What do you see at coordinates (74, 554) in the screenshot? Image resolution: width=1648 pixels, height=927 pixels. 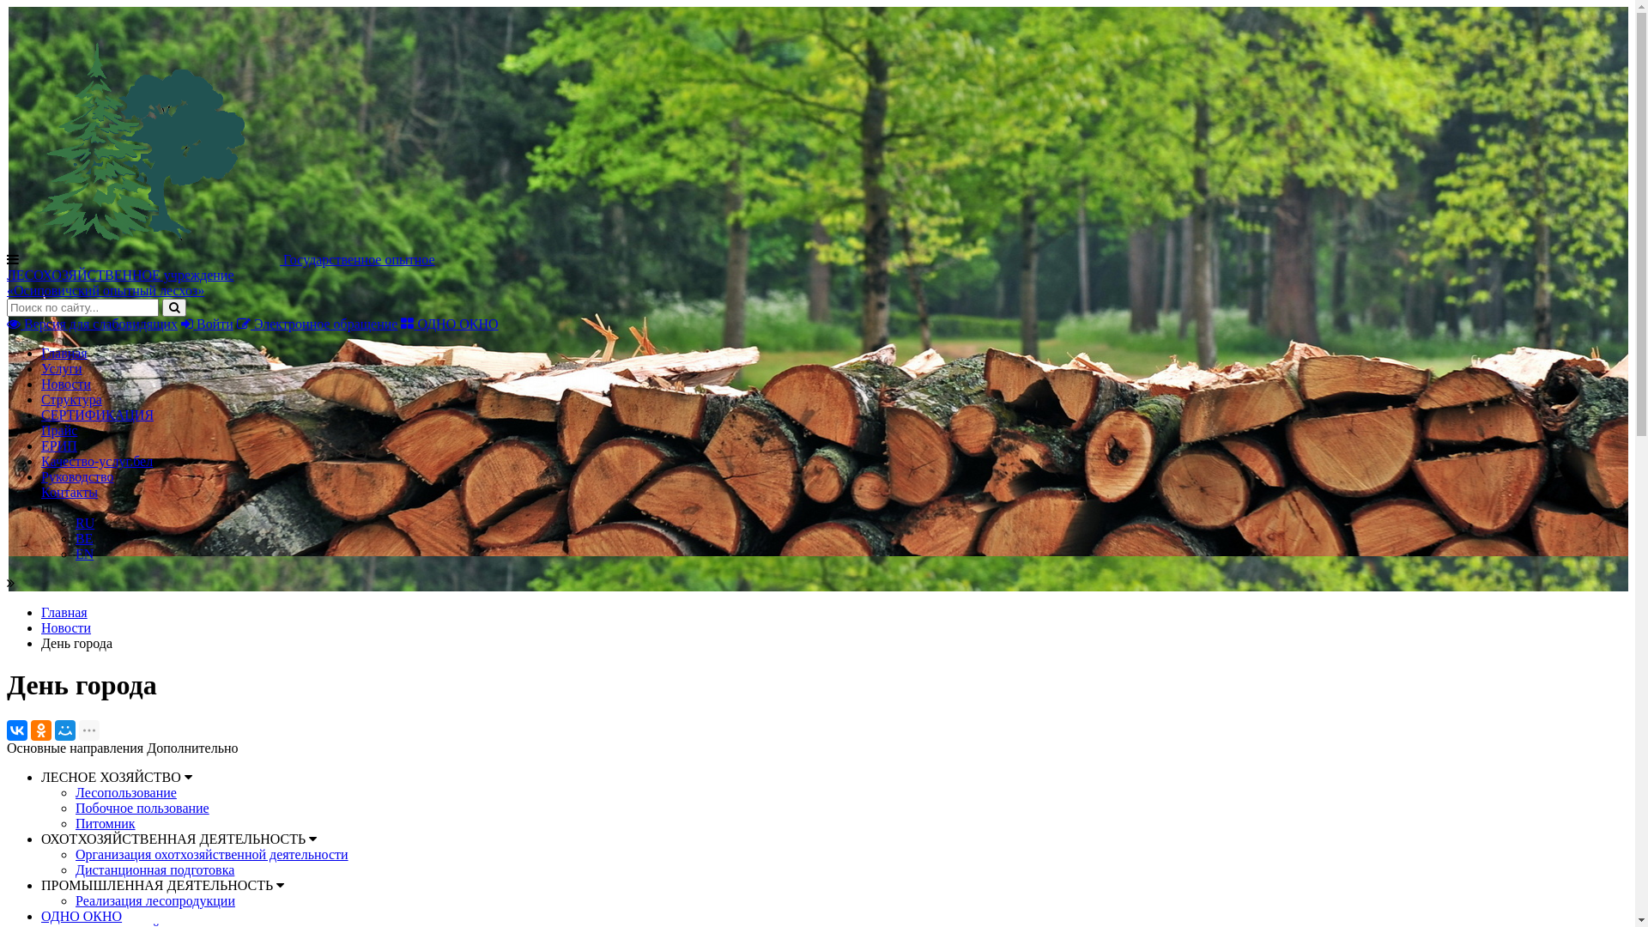 I see `'EN'` at bounding box center [74, 554].